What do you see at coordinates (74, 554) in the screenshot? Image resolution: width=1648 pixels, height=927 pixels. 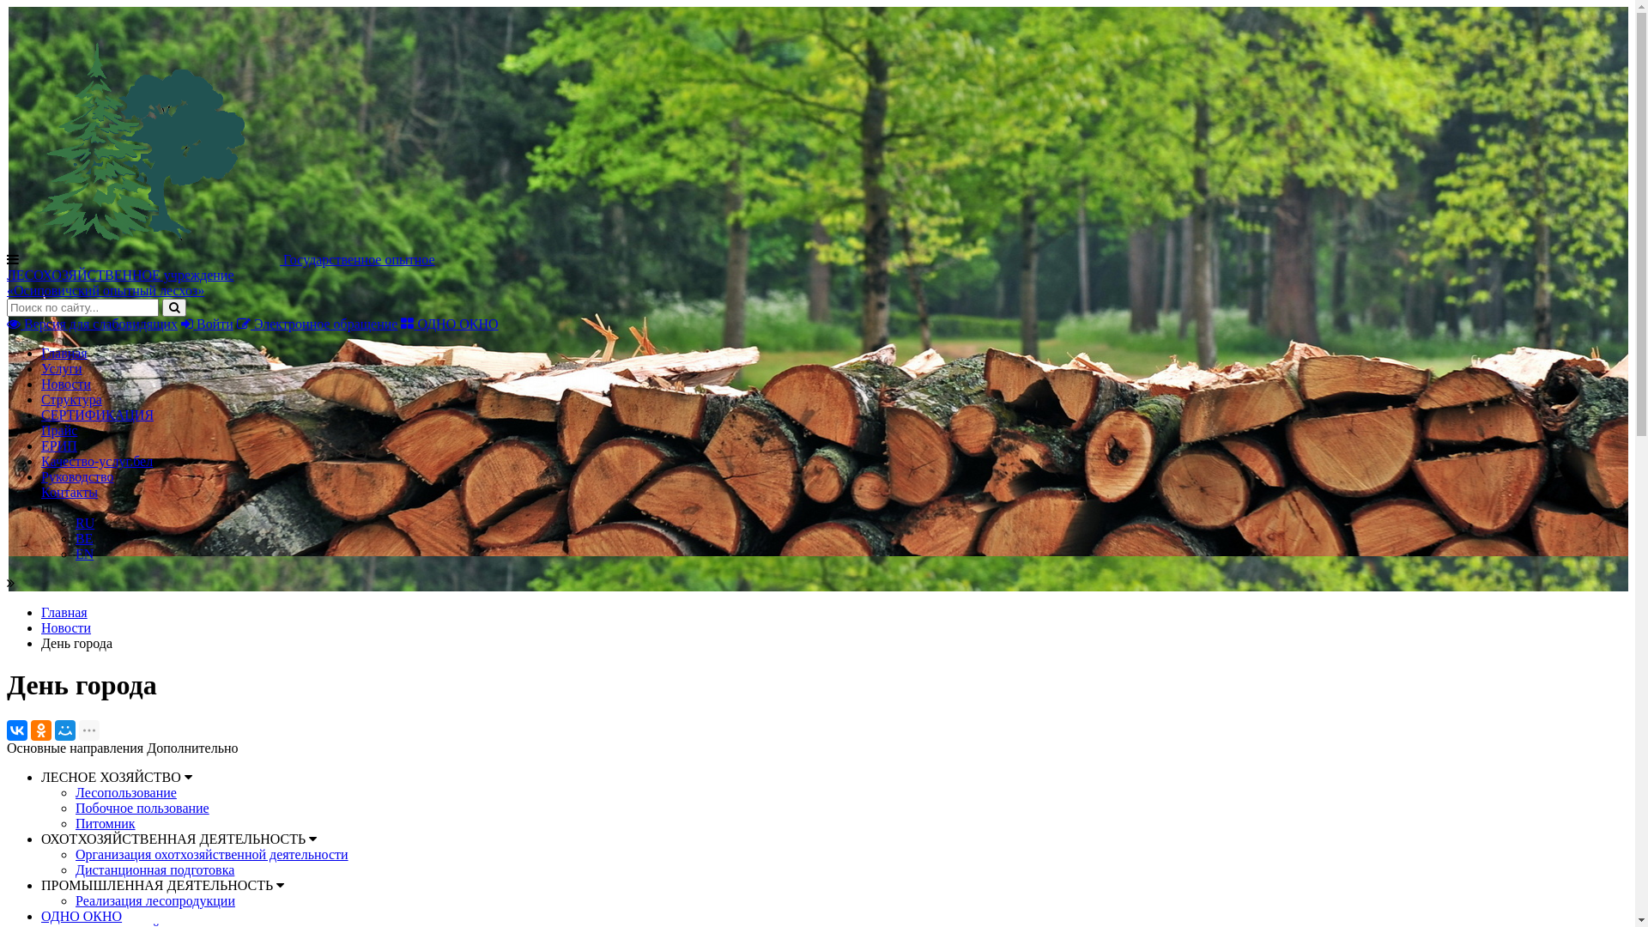 I see `'EN'` at bounding box center [74, 554].